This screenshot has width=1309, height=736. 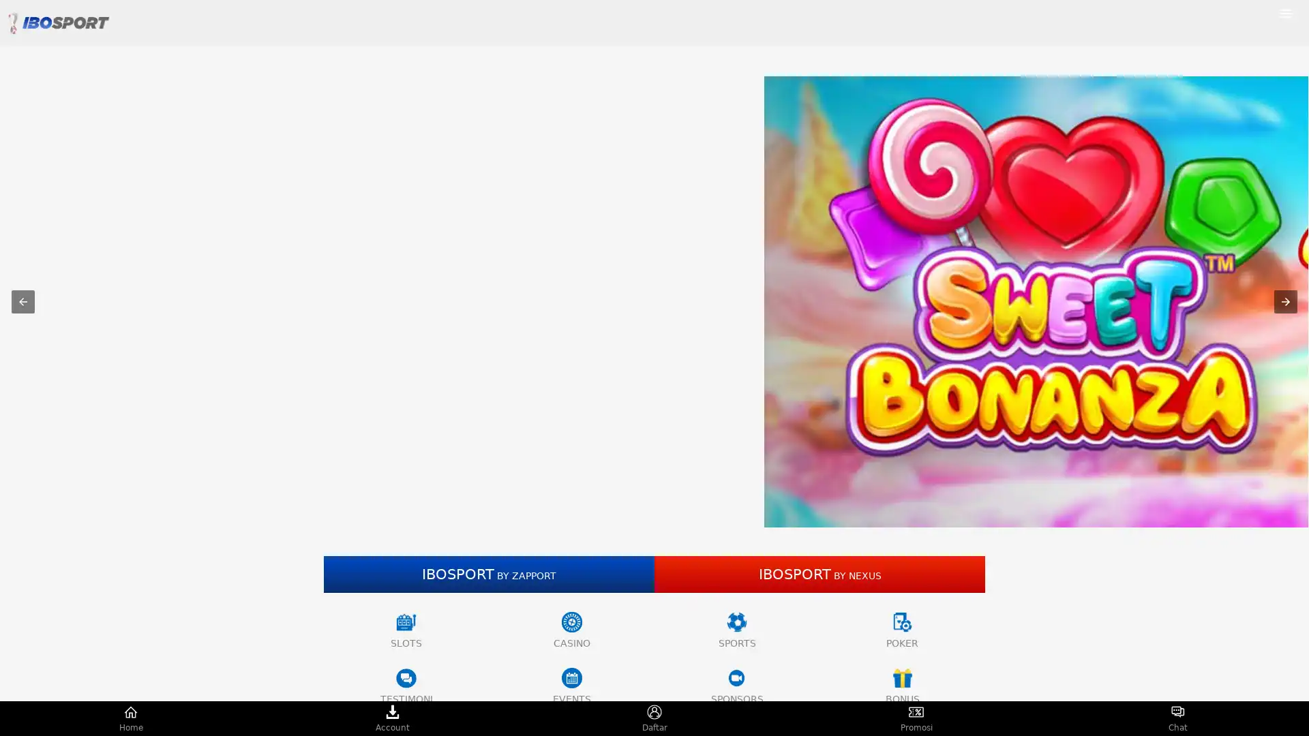 What do you see at coordinates (1285, 301) in the screenshot?
I see `Next item in carousel (1 of 5)` at bounding box center [1285, 301].